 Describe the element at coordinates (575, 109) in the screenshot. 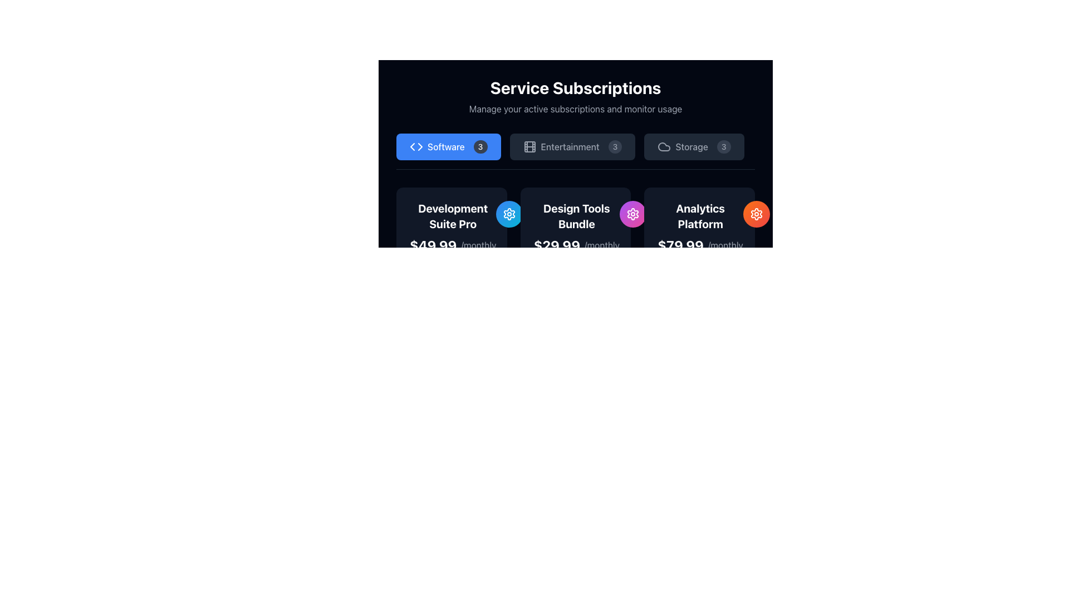

I see `the informational text element that provides context about the 'Service Subscriptions' section, located directly beneath the main header` at that location.